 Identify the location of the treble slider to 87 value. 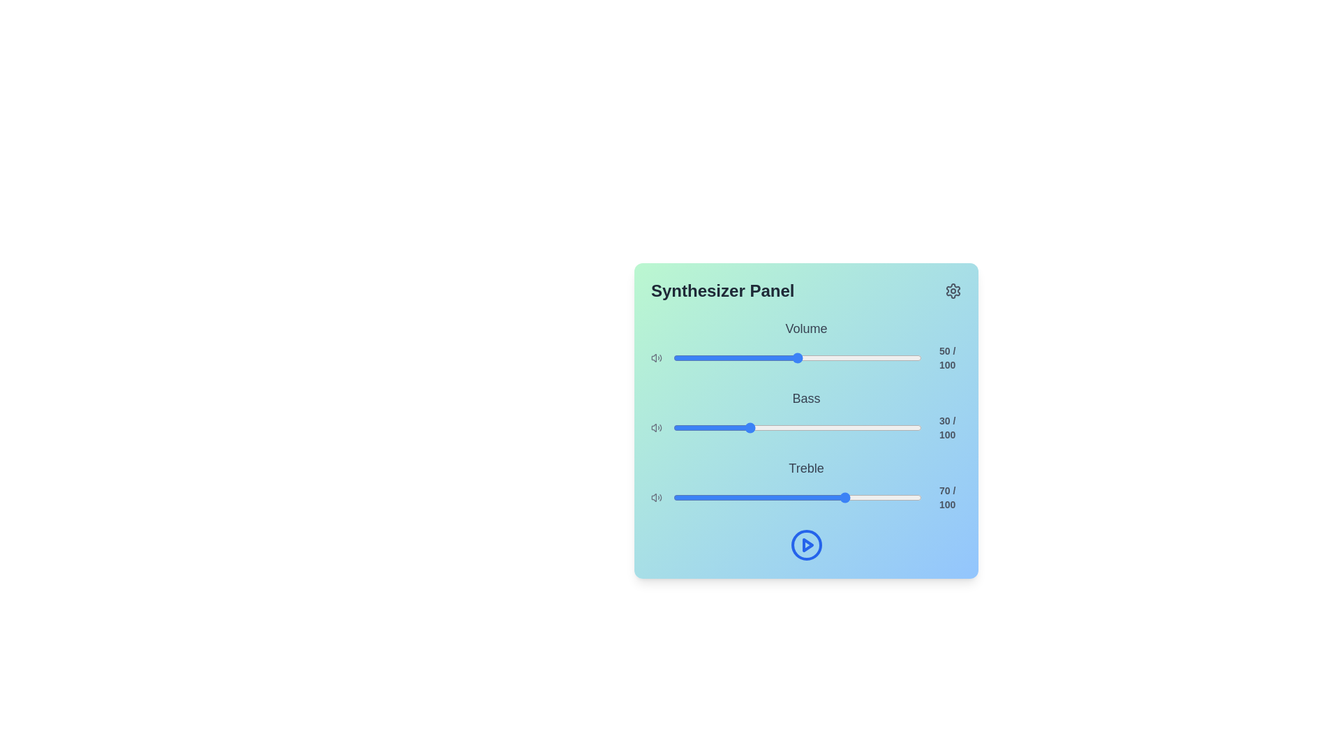
(888, 497).